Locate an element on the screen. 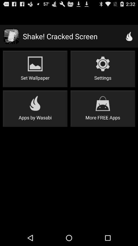  the more free apps button is located at coordinates (103, 108).